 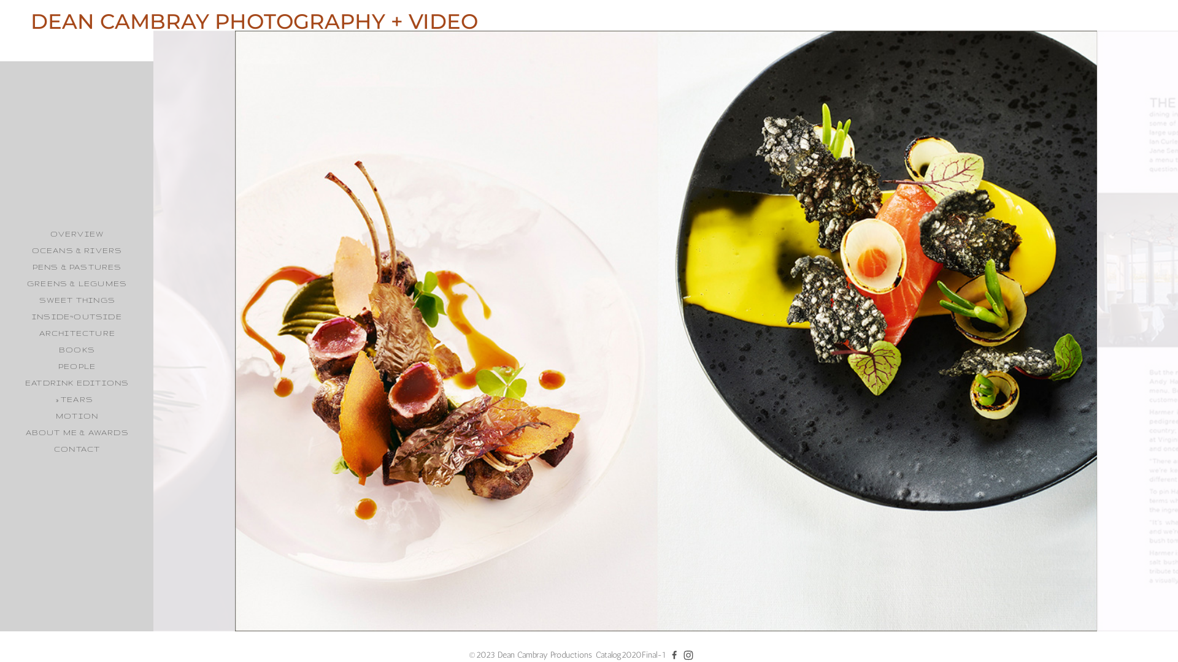 I want to click on 'PENS & PASTURES', so click(x=32, y=266).